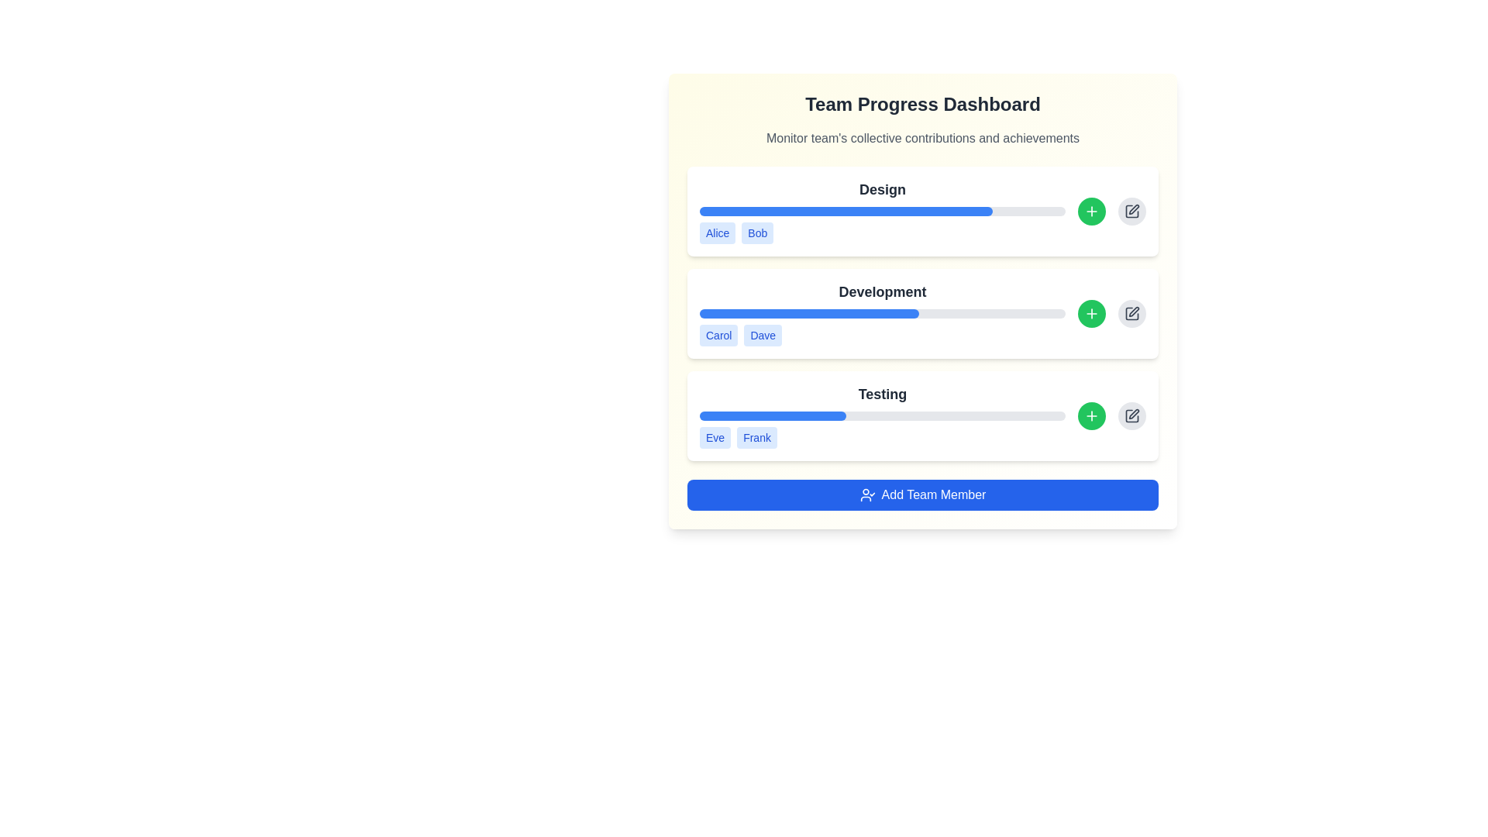 The width and height of the screenshot is (1488, 837). What do you see at coordinates (1131, 212) in the screenshot?
I see `the edit button located on the far right of the 'Design' section in the dashboard card` at bounding box center [1131, 212].